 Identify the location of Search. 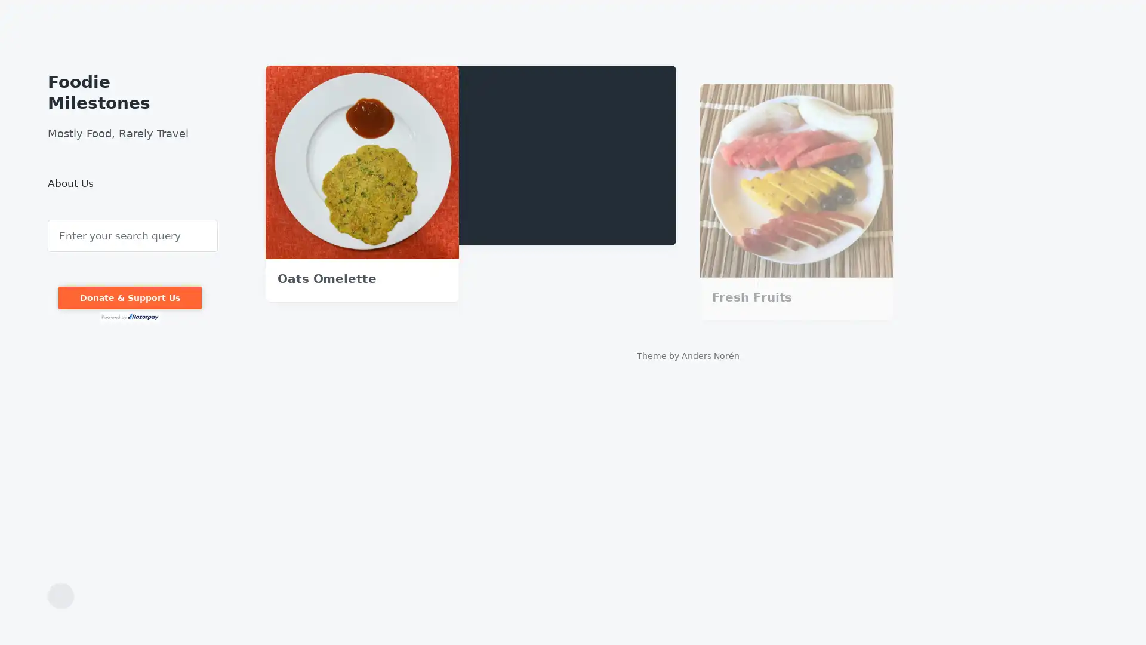
(48, 220).